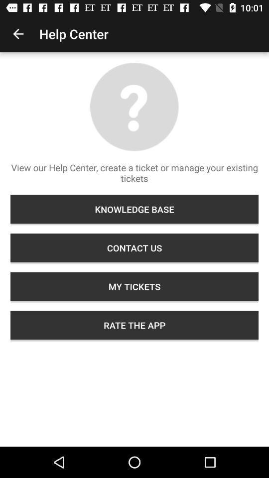  Describe the element at coordinates (134, 247) in the screenshot. I see `the item above the my tickets` at that location.